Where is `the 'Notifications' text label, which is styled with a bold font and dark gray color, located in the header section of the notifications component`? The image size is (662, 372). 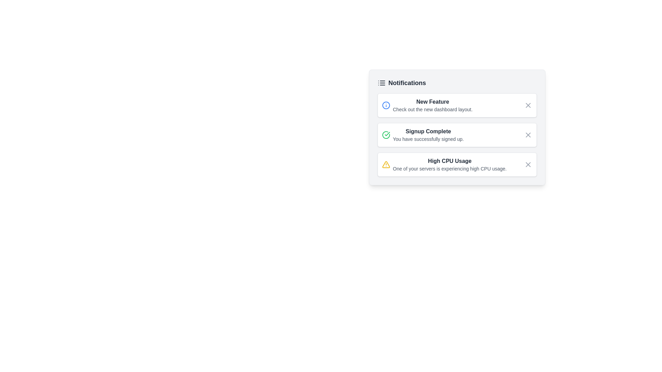 the 'Notifications' text label, which is styled with a bold font and dark gray color, located in the header section of the notifications component is located at coordinates (402, 82).